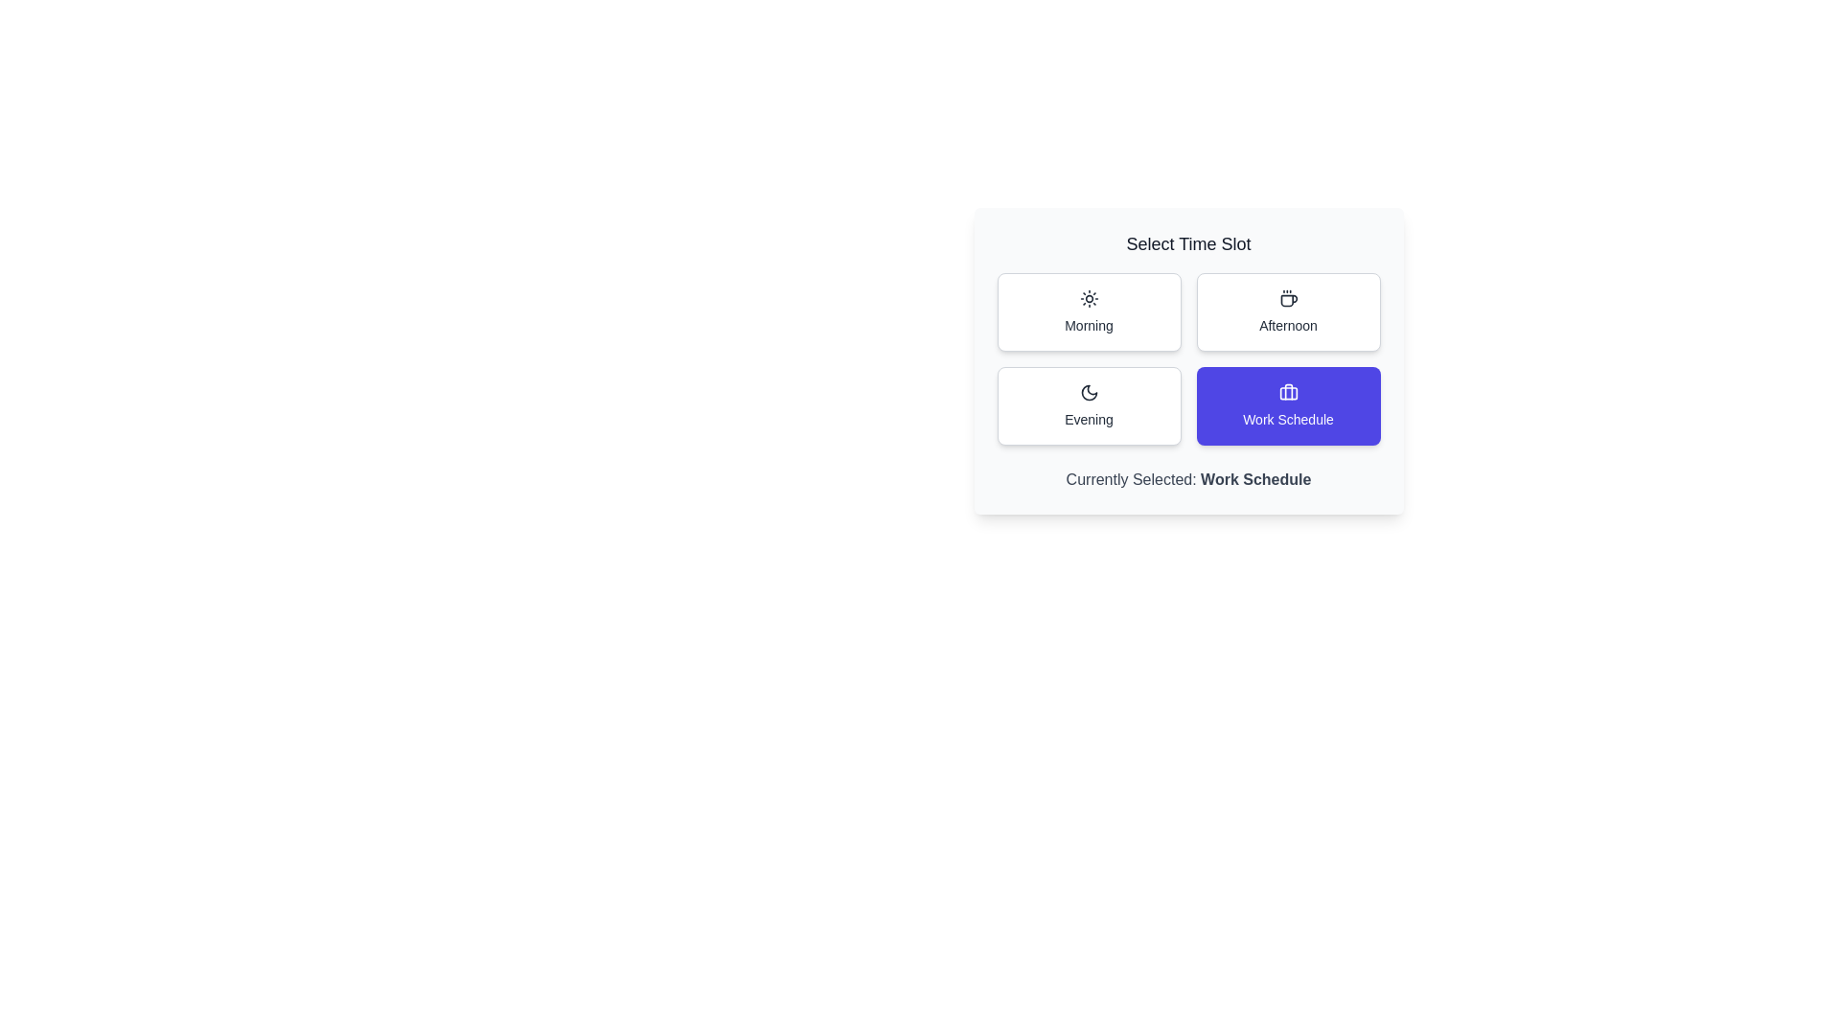 The width and height of the screenshot is (1840, 1035). Describe the element at coordinates (1089, 311) in the screenshot. I see `the button labeled Morning to observe its hover effect` at that location.